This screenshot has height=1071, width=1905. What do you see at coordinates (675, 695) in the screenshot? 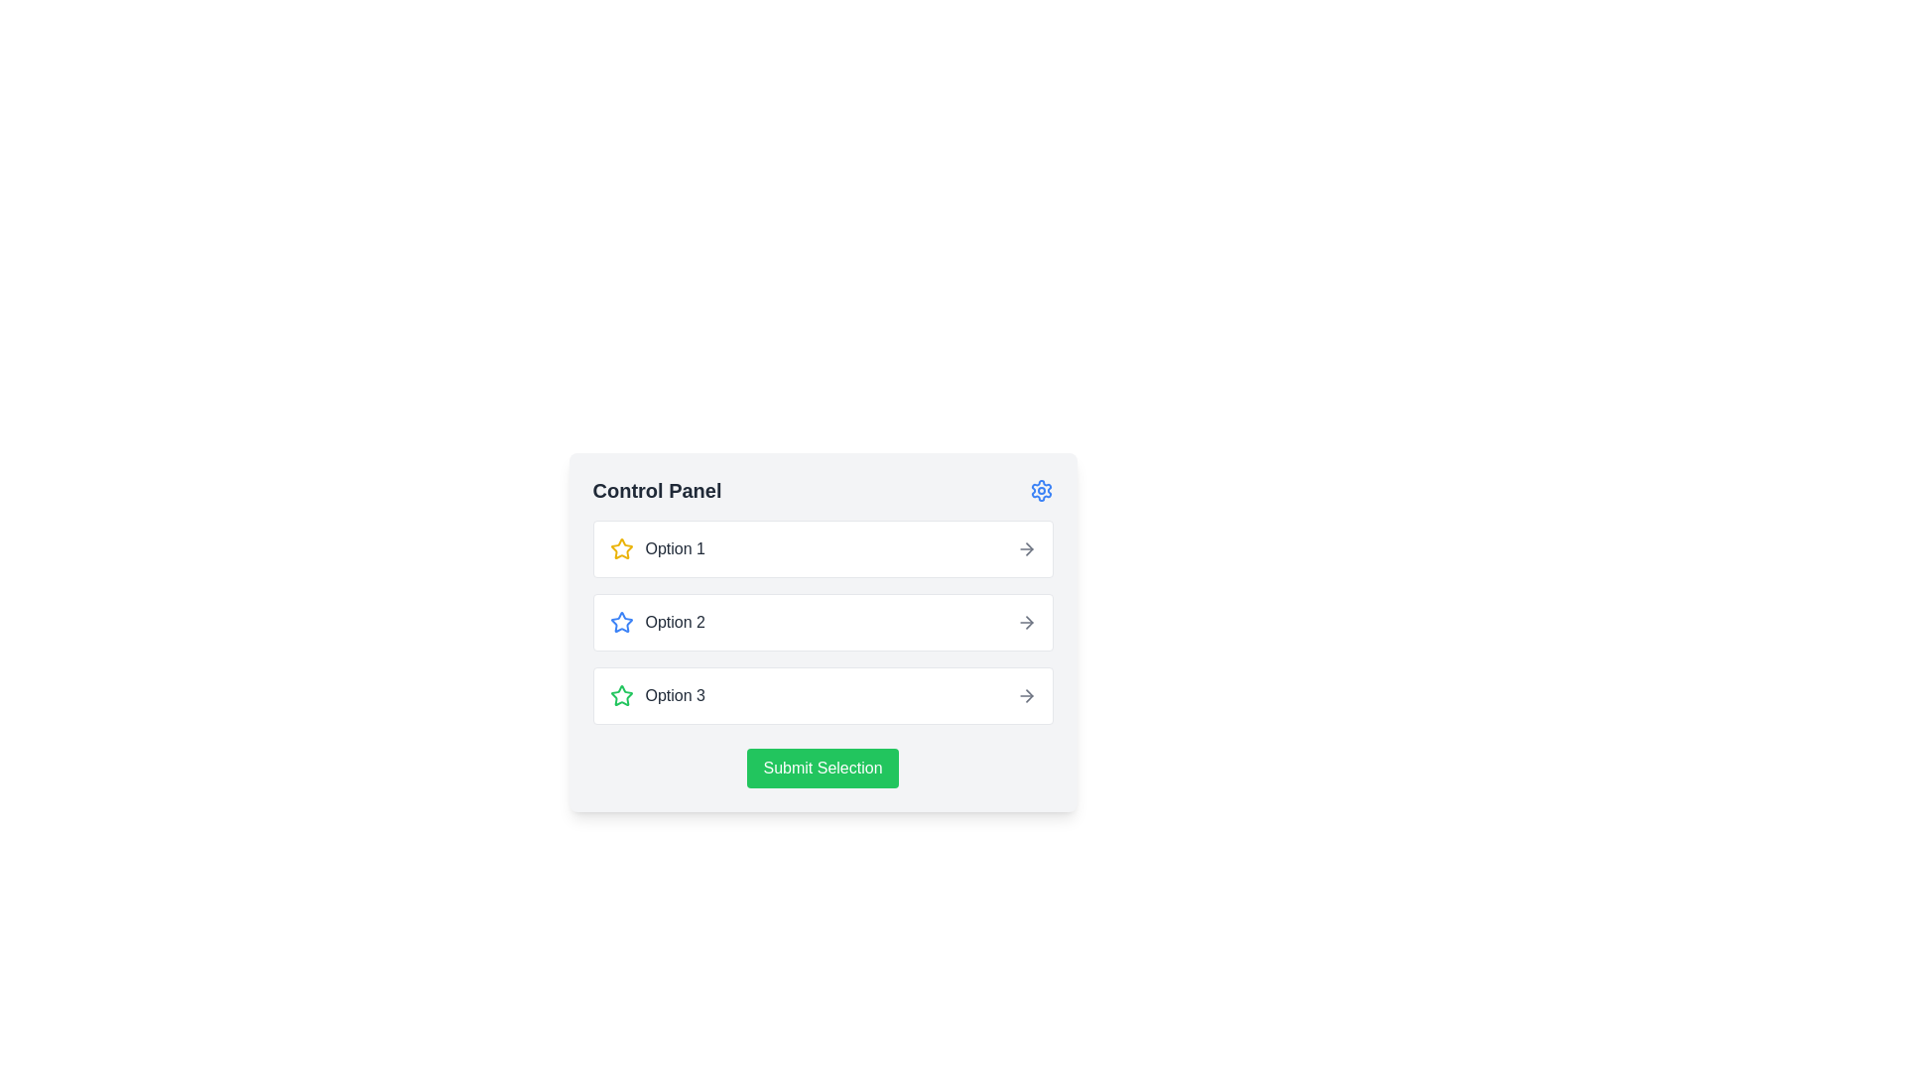
I see `the text component displaying 'Option 3', which is styled with a gray font color and aligned with a green star icon on the left` at bounding box center [675, 695].